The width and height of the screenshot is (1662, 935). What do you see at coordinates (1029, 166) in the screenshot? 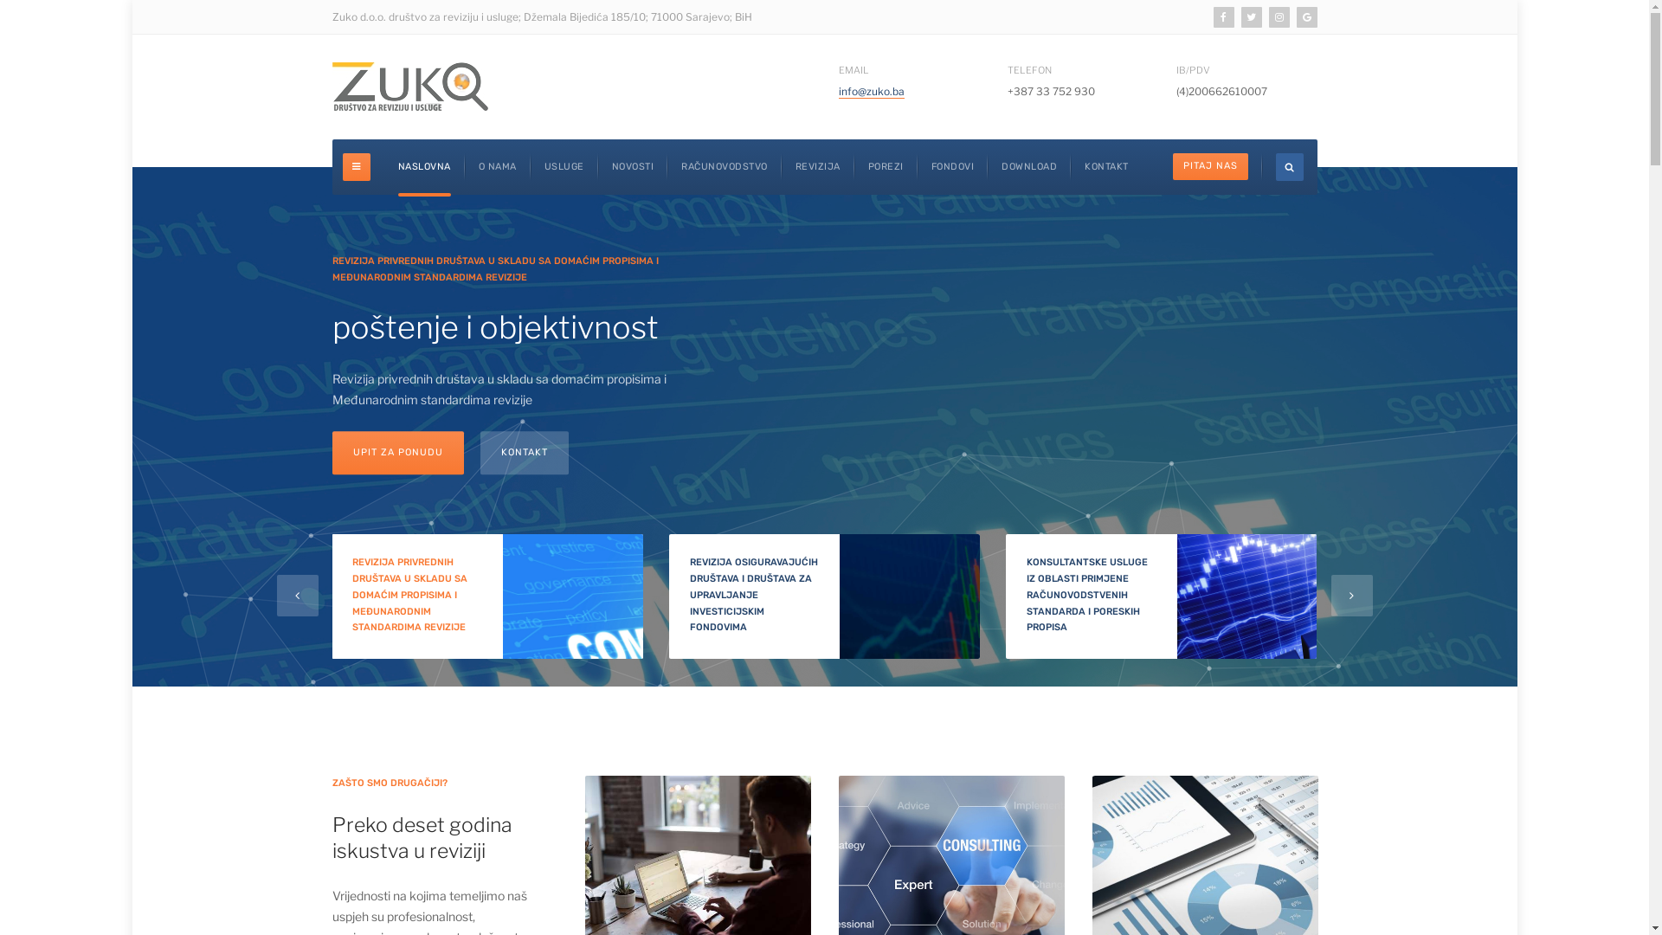
I see `'DOWNLOAD'` at bounding box center [1029, 166].